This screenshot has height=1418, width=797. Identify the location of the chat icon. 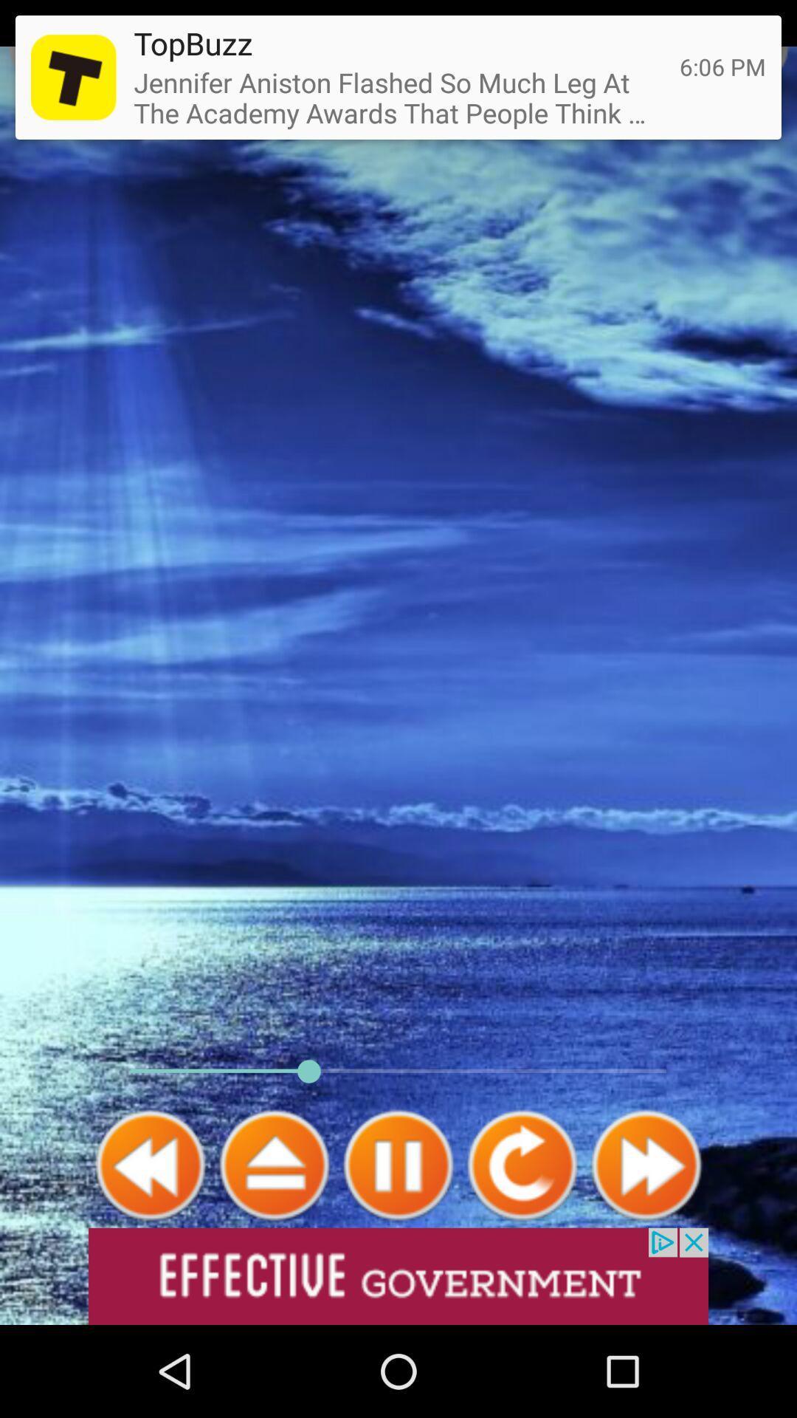
(751, 49).